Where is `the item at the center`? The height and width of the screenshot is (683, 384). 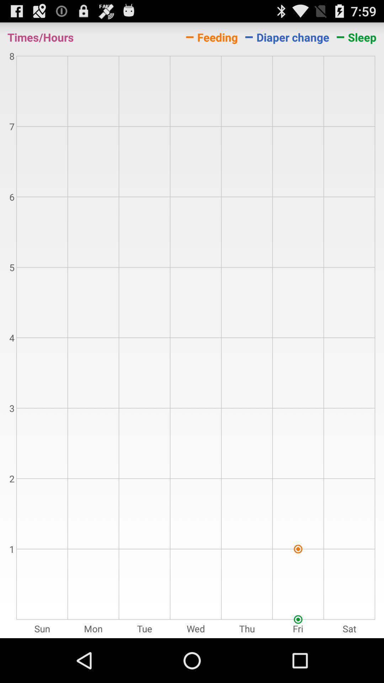 the item at the center is located at coordinates (192, 345).